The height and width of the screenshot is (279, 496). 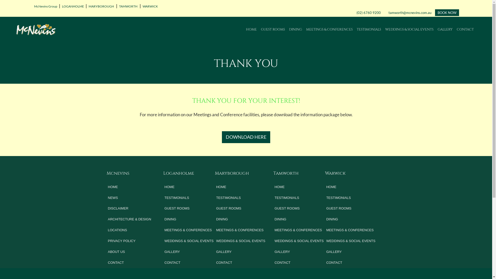 I want to click on '  WARWICK', so click(x=149, y=6).